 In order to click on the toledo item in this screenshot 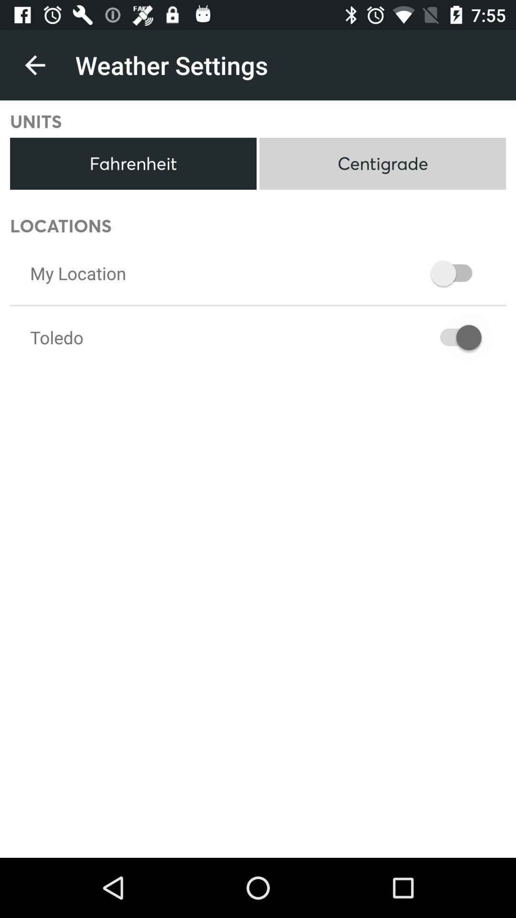, I will do `click(56, 337)`.